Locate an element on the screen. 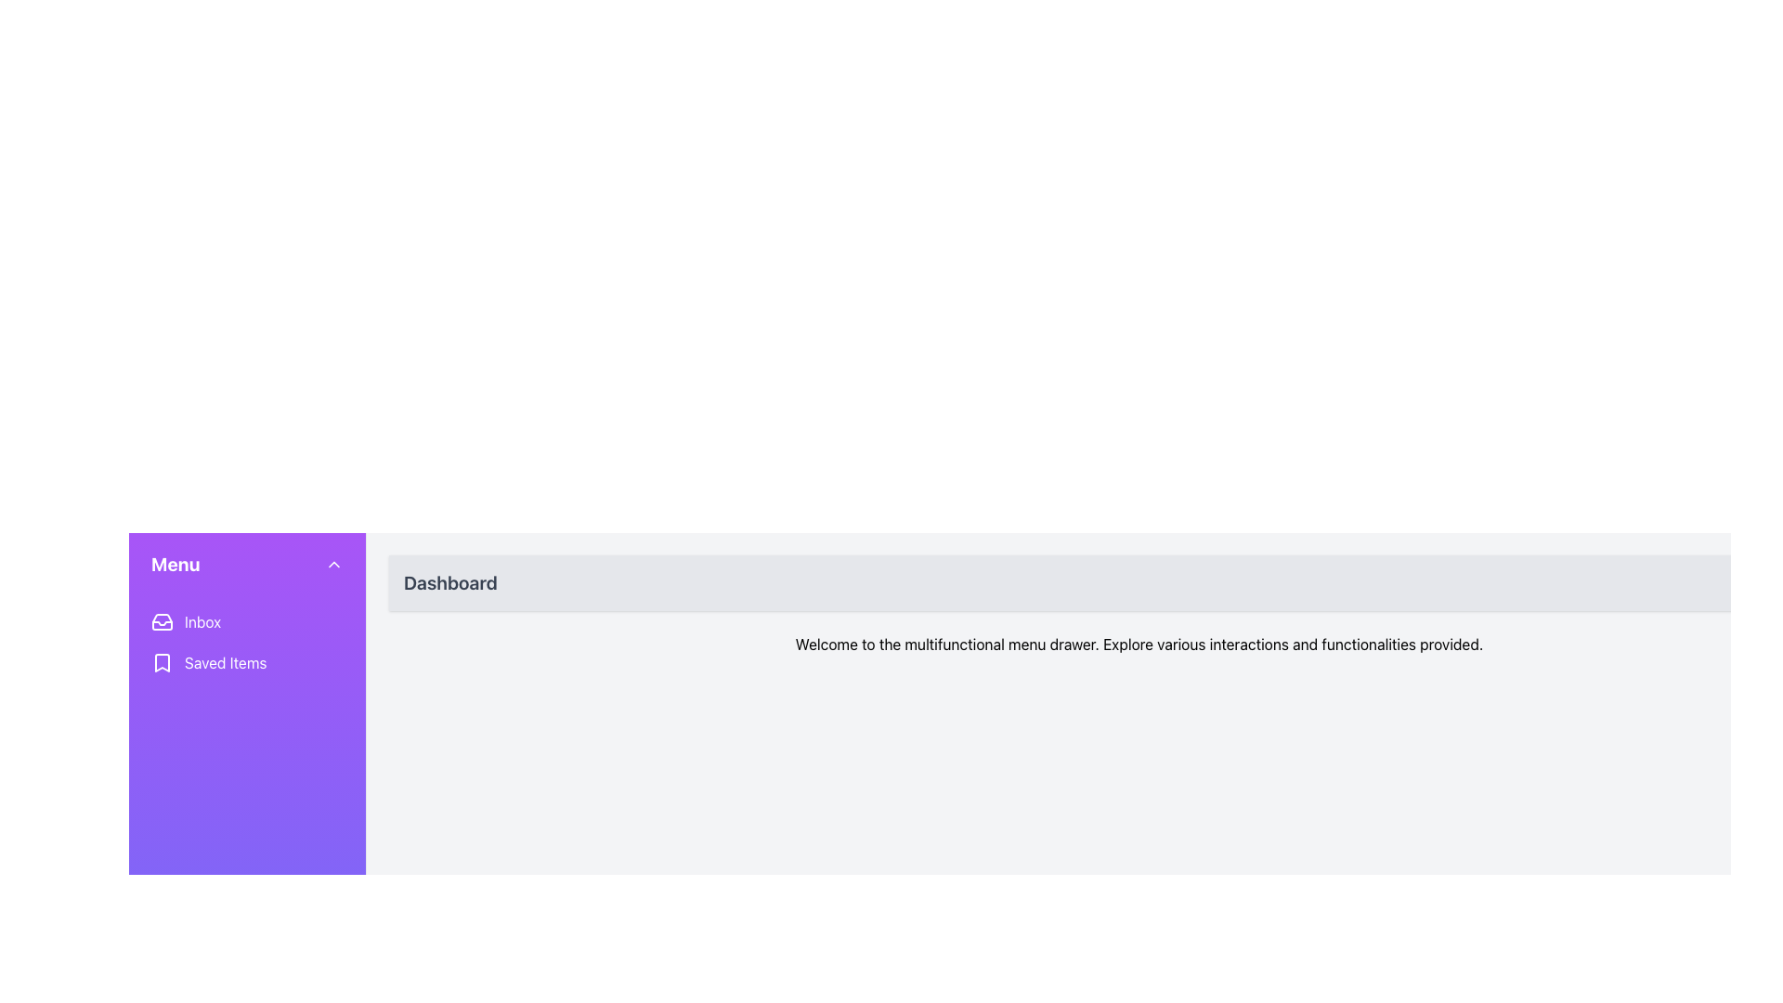 The image size is (1783, 1003). the menu option represented is located at coordinates (162, 661).